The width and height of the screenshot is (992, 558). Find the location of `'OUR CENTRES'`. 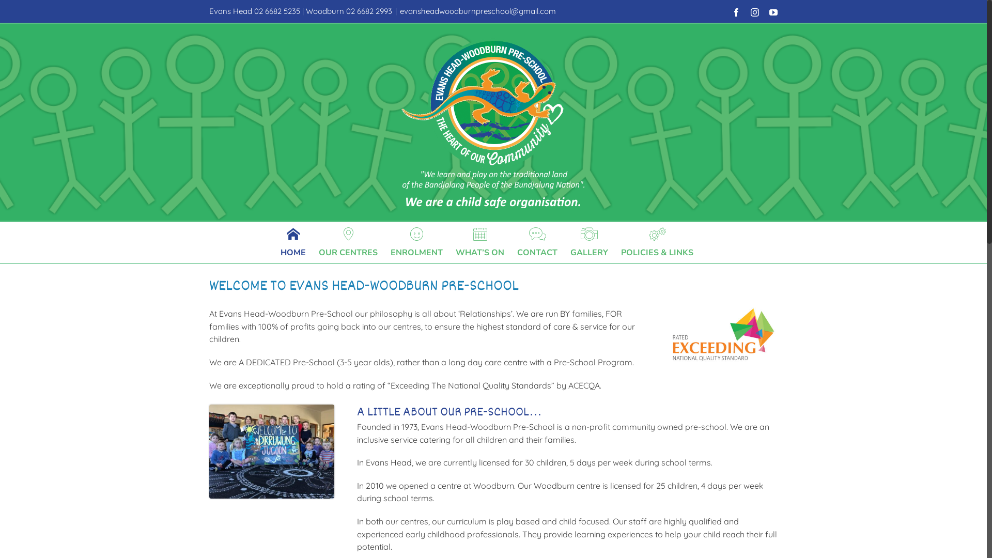

'OUR CENTRES' is located at coordinates (318, 242).